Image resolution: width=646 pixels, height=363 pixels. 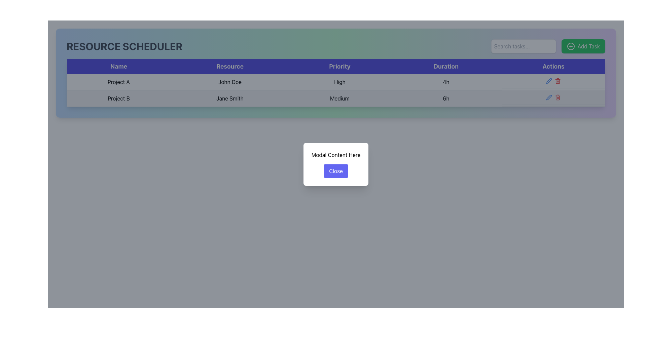 I want to click on the 'High' priority text label located in the first row of the 'Priority' table, positioned between 'John Doe' and '4h', so click(x=339, y=82).